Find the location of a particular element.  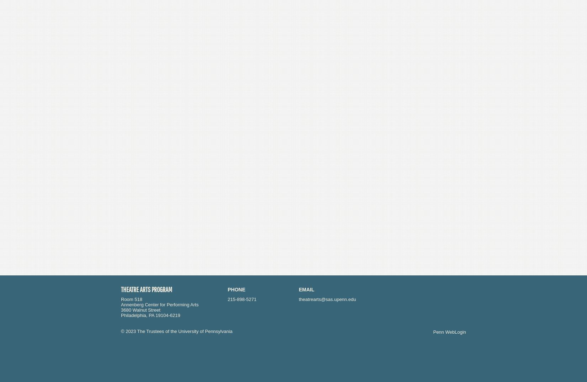

'3680 Walnut Street' is located at coordinates (121, 310).